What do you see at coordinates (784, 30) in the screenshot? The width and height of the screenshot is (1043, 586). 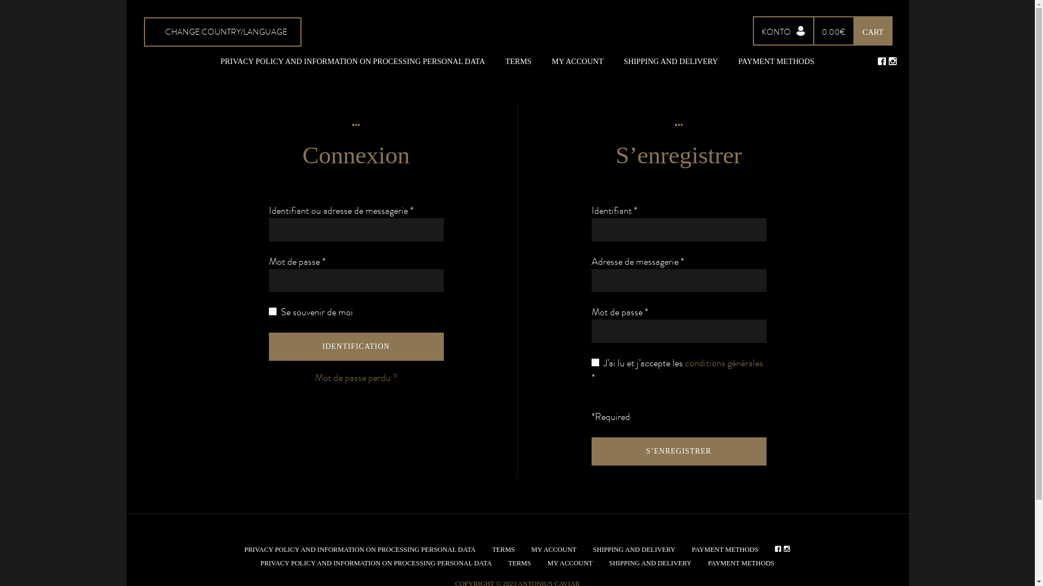 I see `'KONTO'` at bounding box center [784, 30].